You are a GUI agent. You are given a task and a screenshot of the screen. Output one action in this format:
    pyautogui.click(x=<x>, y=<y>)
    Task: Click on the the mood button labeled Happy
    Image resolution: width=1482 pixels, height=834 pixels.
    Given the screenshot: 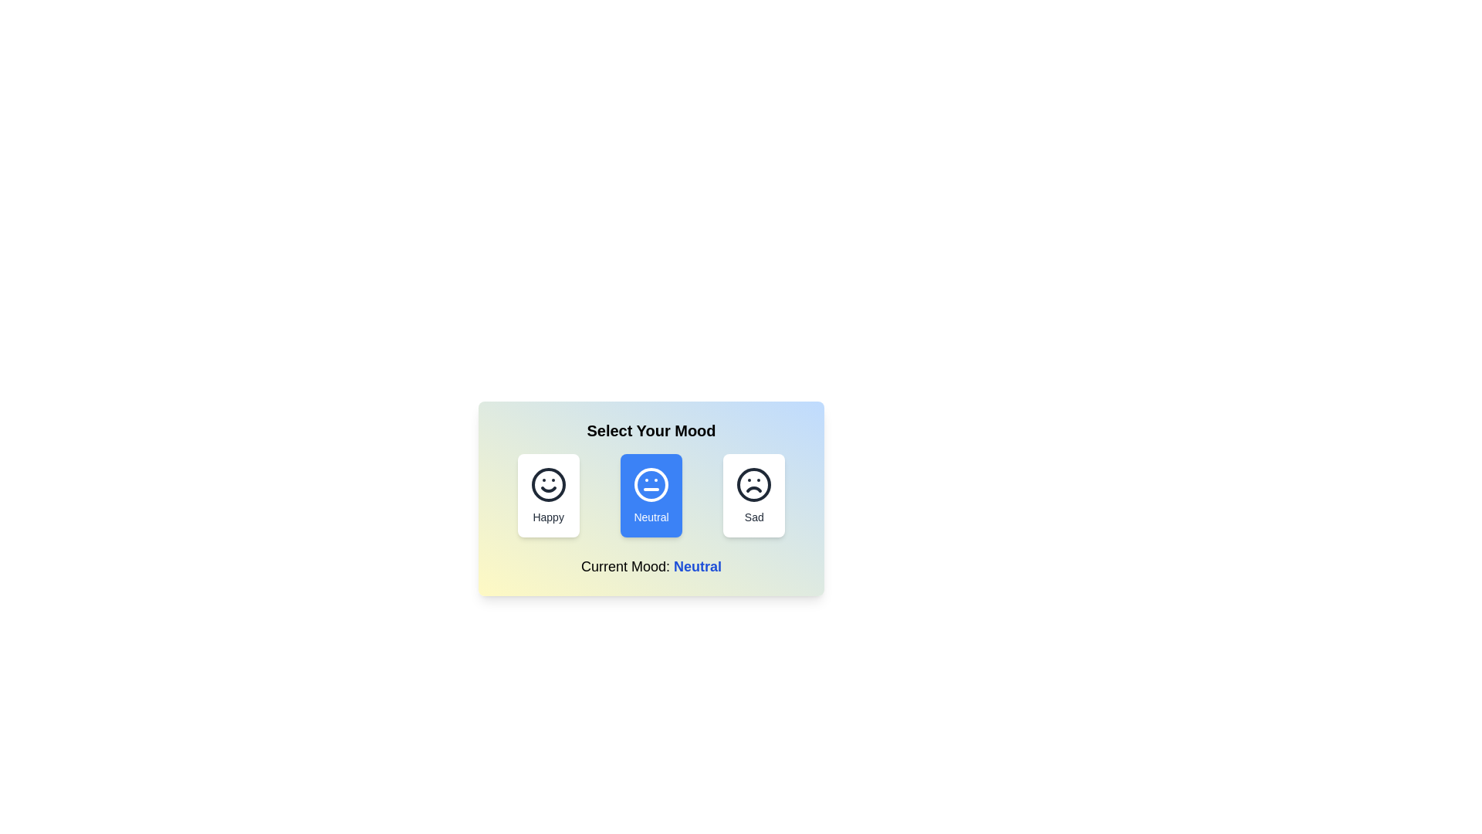 What is the action you would take?
    pyautogui.click(x=548, y=495)
    